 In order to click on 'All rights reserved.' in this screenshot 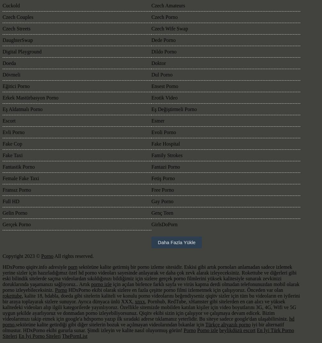, I will do `click(53, 256)`.